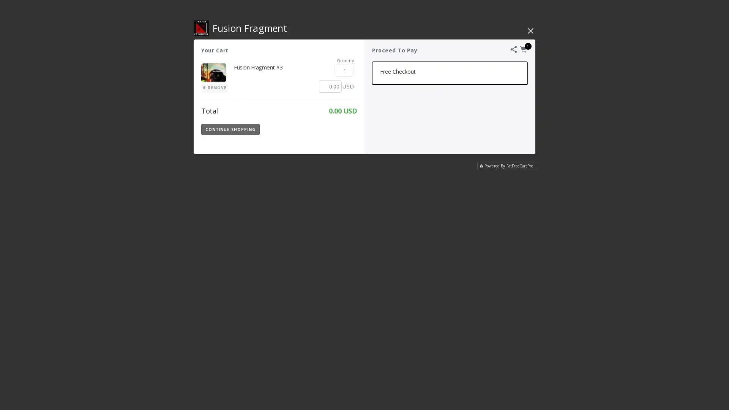  I want to click on trash REMOVE, so click(214, 87).